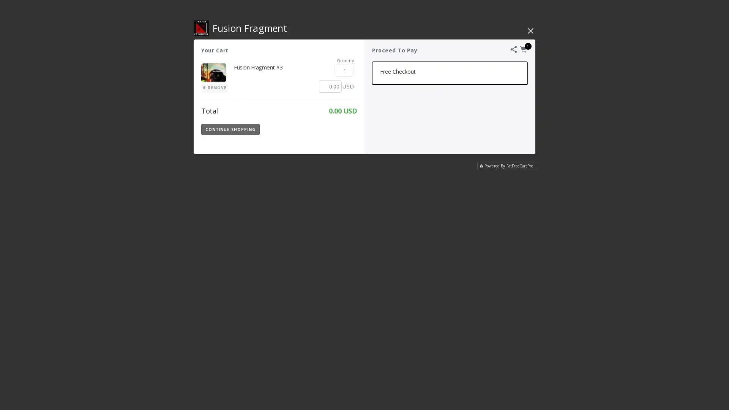  I want to click on trash REMOVE, so click(214, 87).